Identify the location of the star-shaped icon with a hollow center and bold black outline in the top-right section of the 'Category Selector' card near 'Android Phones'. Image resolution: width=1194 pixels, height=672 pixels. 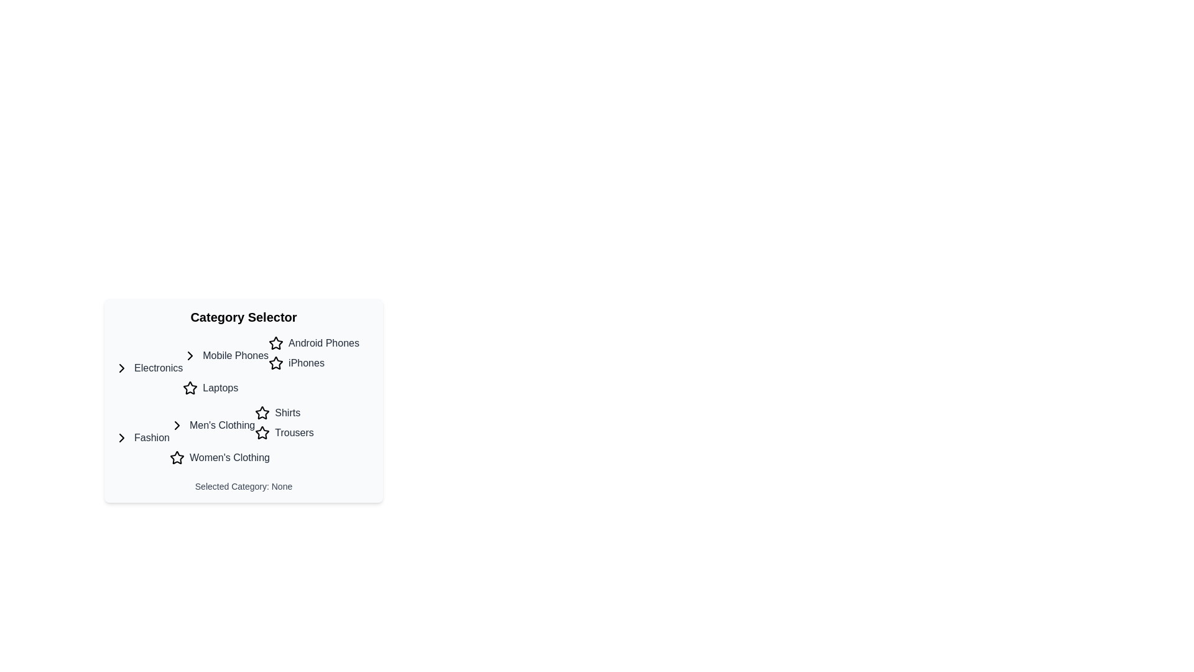
(275, 343).